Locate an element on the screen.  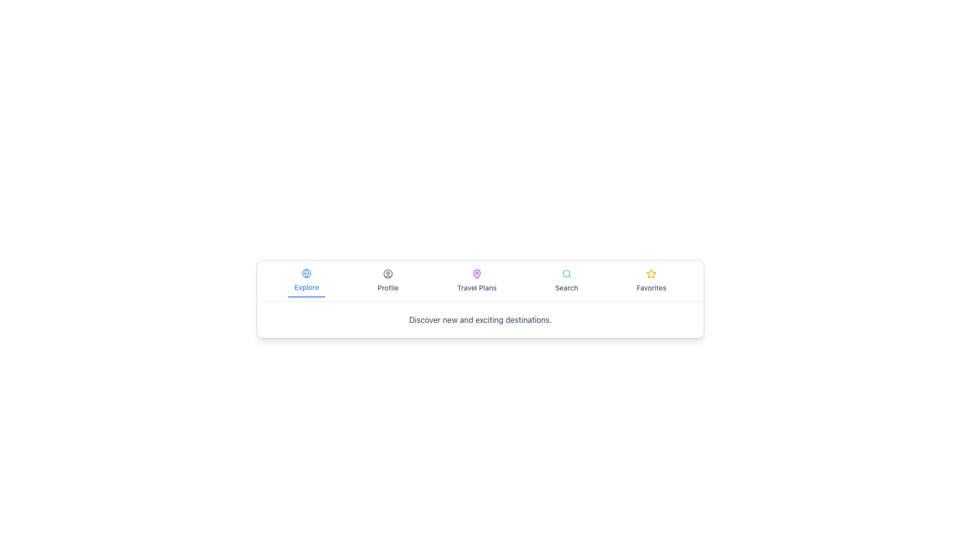
the 'Favorites' menu item, which displays a yellow star icon above the text in a medium gray font, located at the bottom of the interface in the horizontal navigation menu is located at coordinates (651, 281).